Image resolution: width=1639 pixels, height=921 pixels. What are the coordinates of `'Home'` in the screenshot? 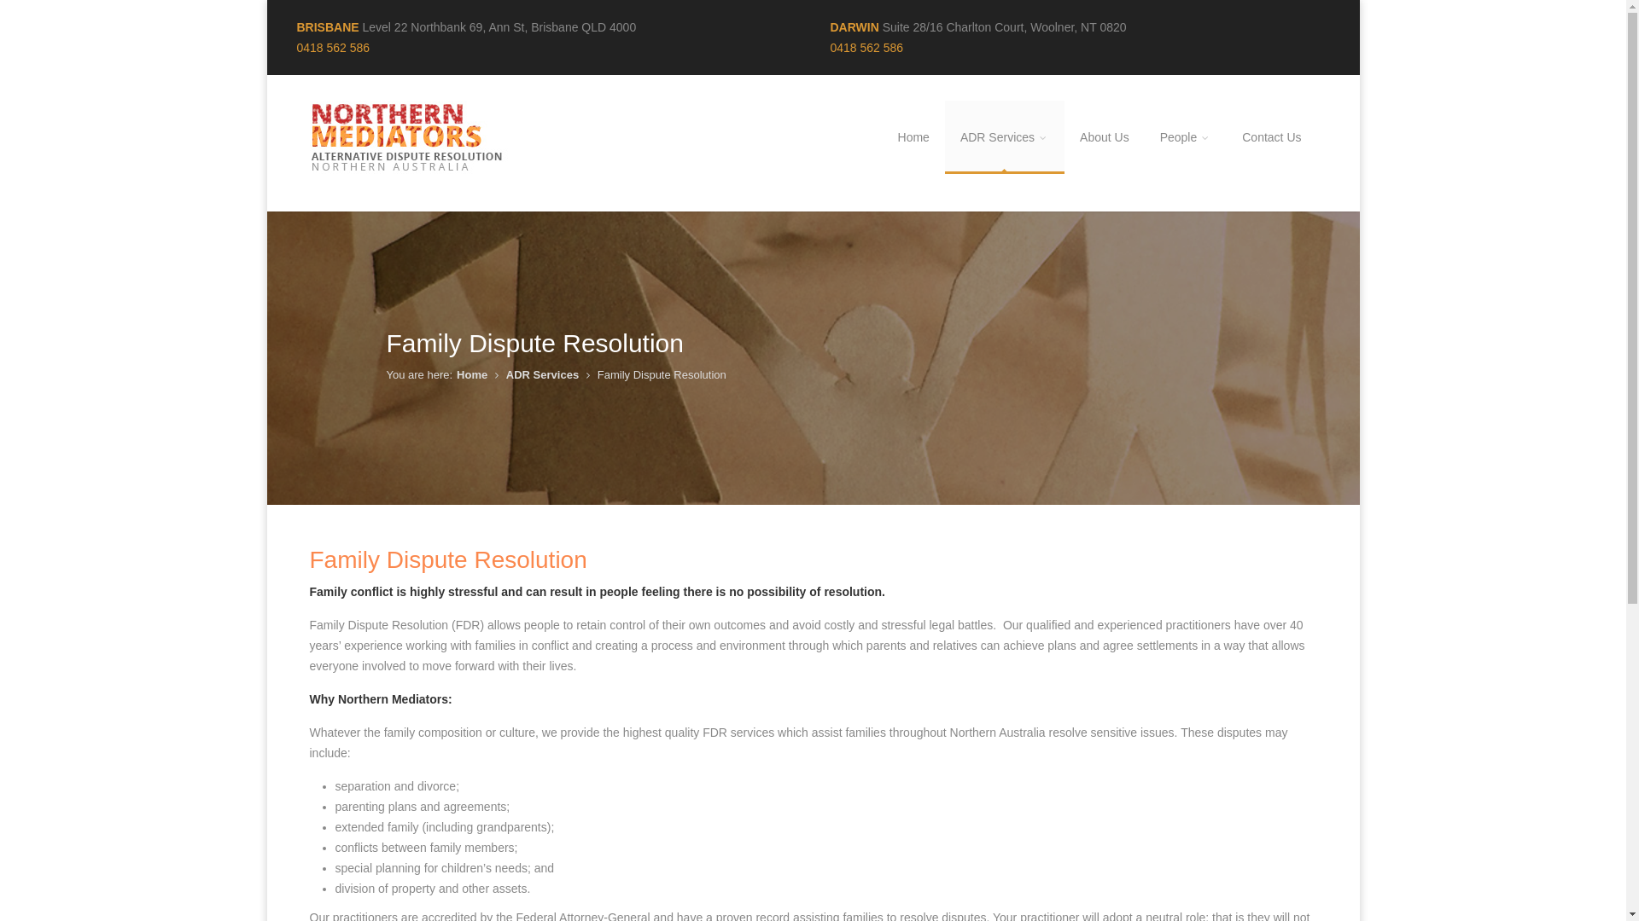 It's located at (471, 374).